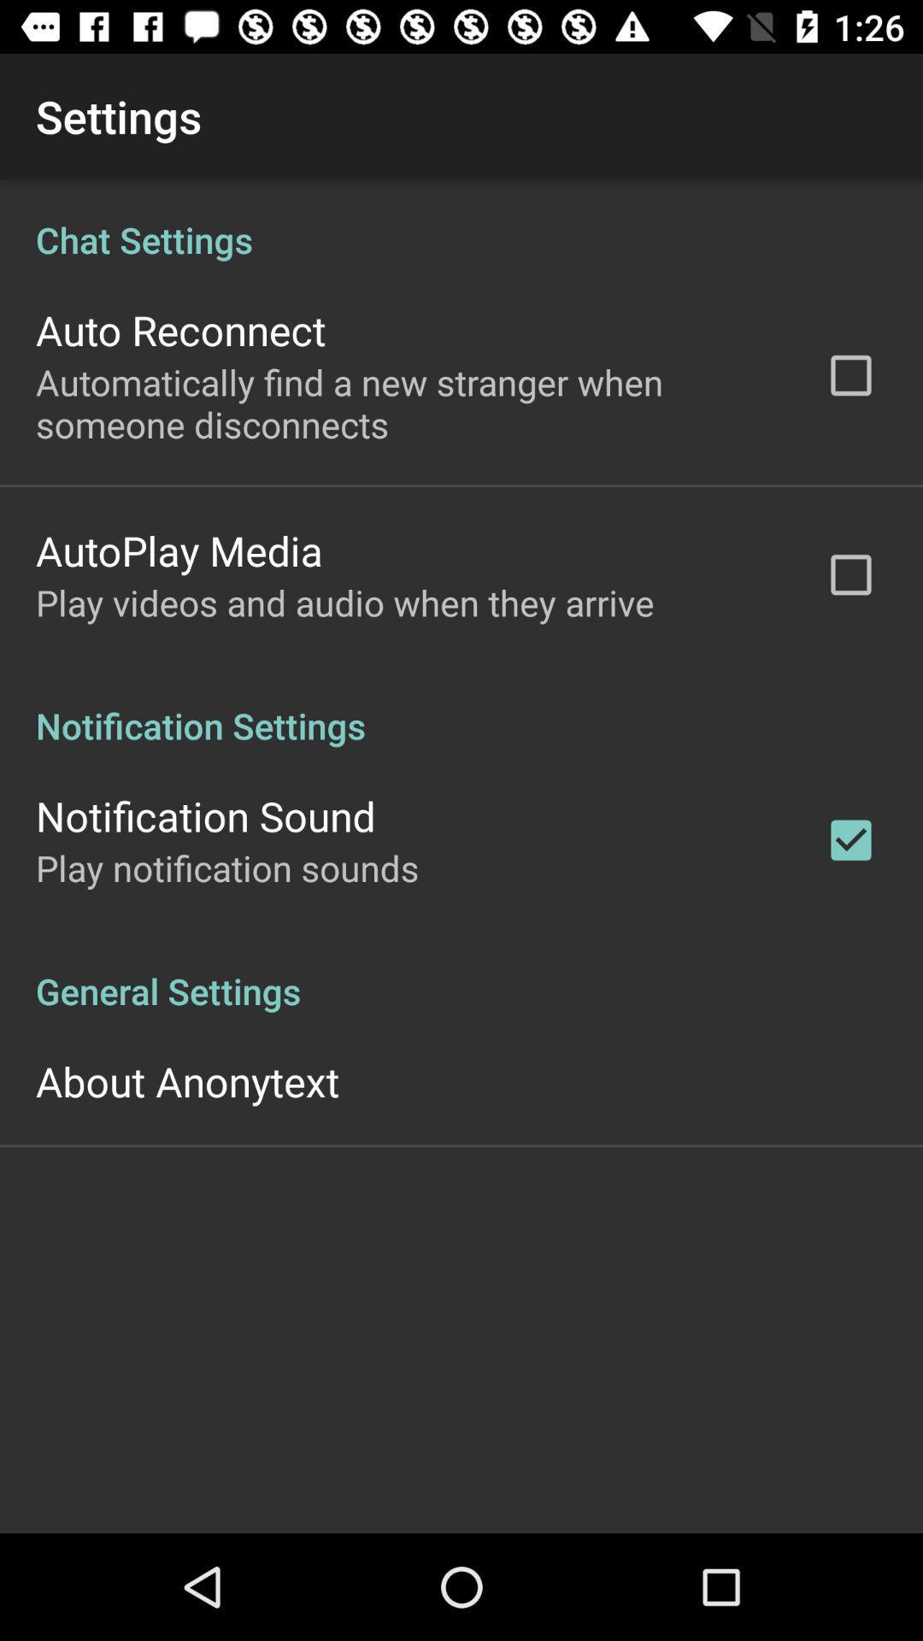 The height and width of the screenshot is (1641, 923). I want to click on the app above the automatically find a app, so click(180, 330).